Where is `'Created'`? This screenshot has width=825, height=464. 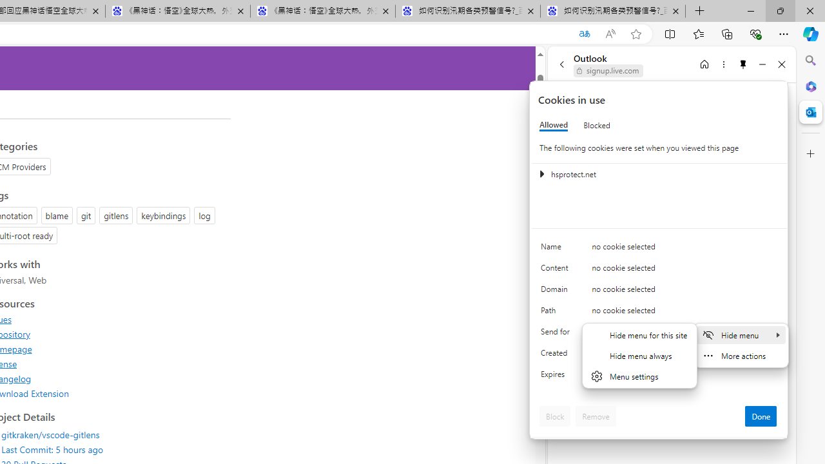 'Created' is located at coordinates (558, 356).